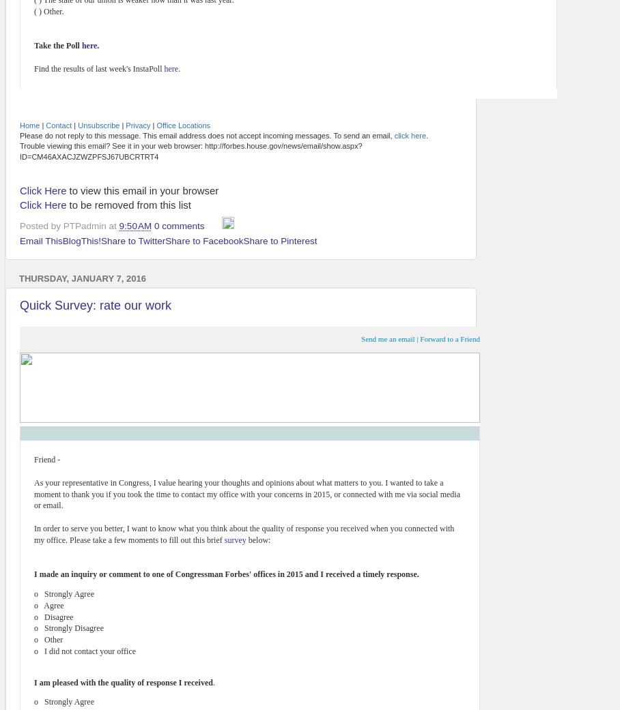  What do you see at coordinates (53, 616) in the screenshot?
I see `'o   Disagree'` at bounding box center [53, 616].